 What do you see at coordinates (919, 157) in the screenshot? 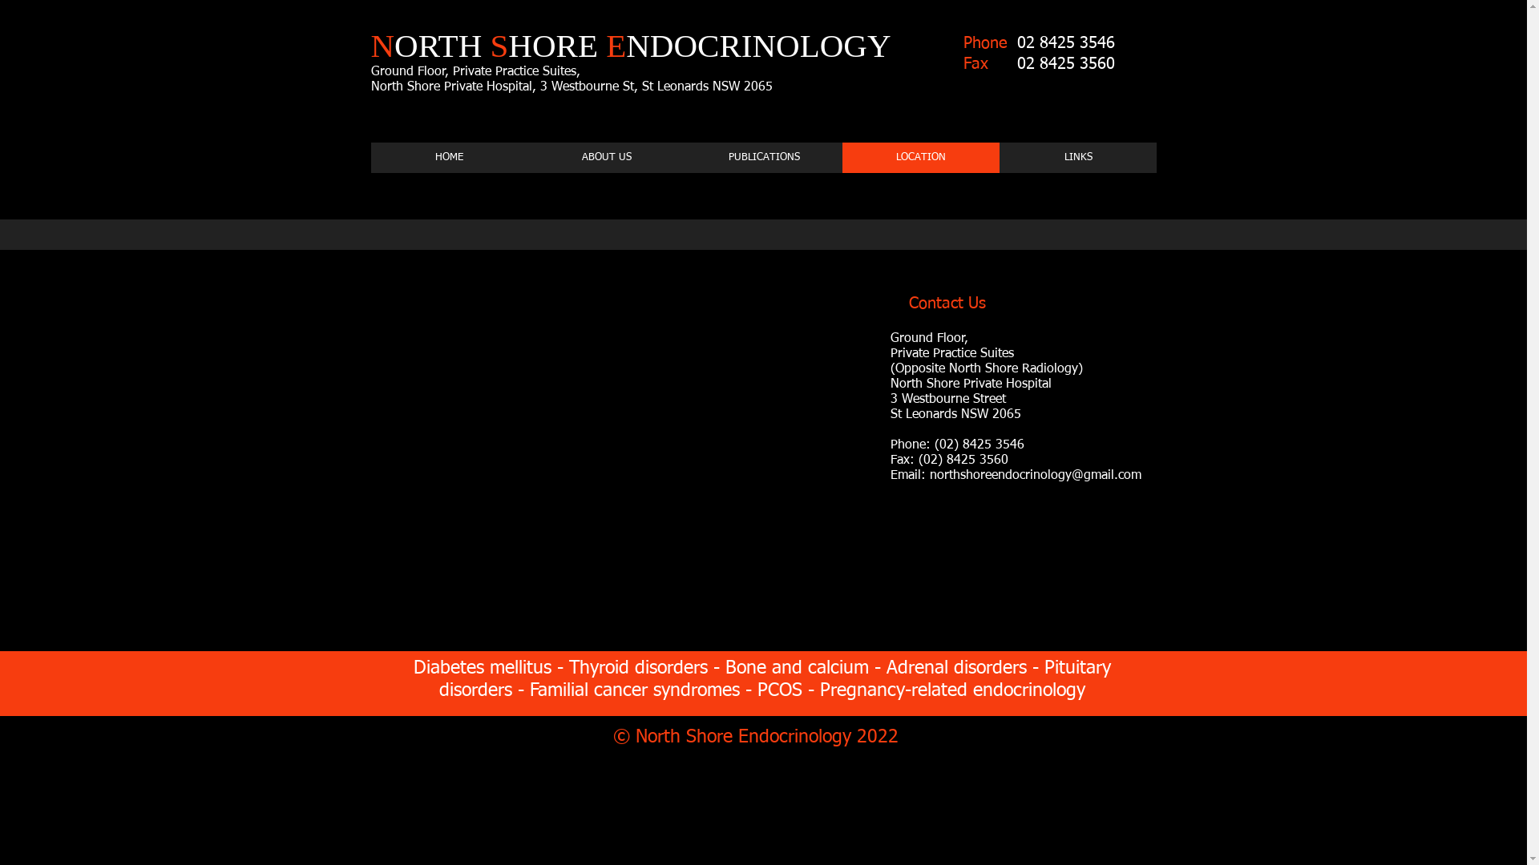
I see `'LOCATION'` at bounding box center [919, 157].